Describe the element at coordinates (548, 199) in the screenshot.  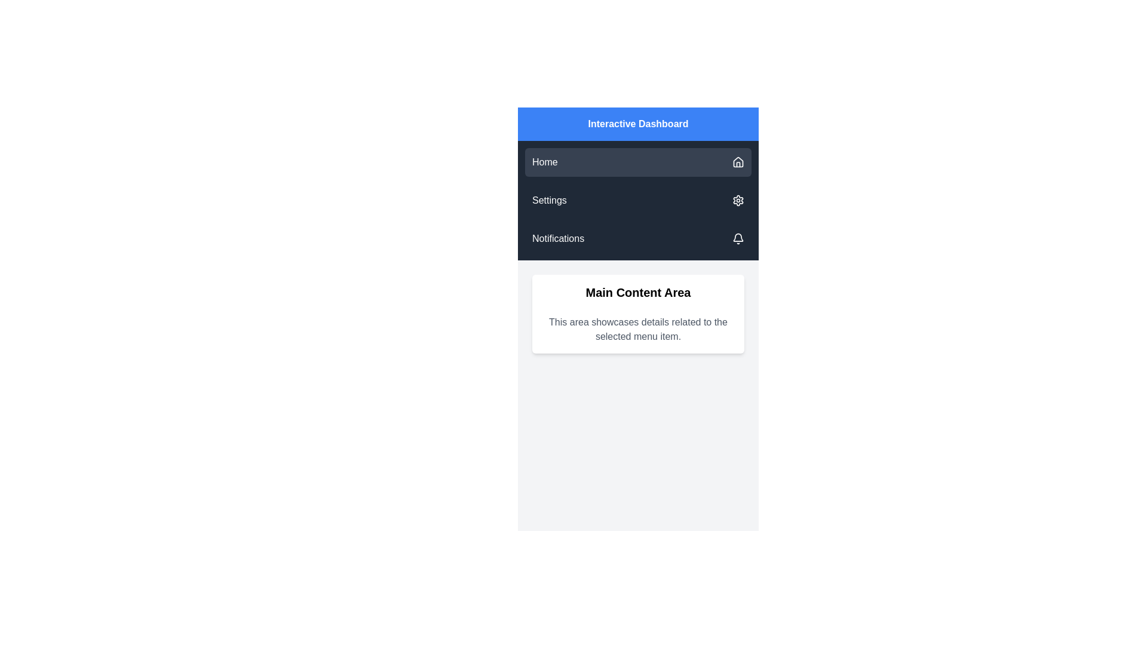
I see `the 'Settings' text label in the sidebar menu` at that location.